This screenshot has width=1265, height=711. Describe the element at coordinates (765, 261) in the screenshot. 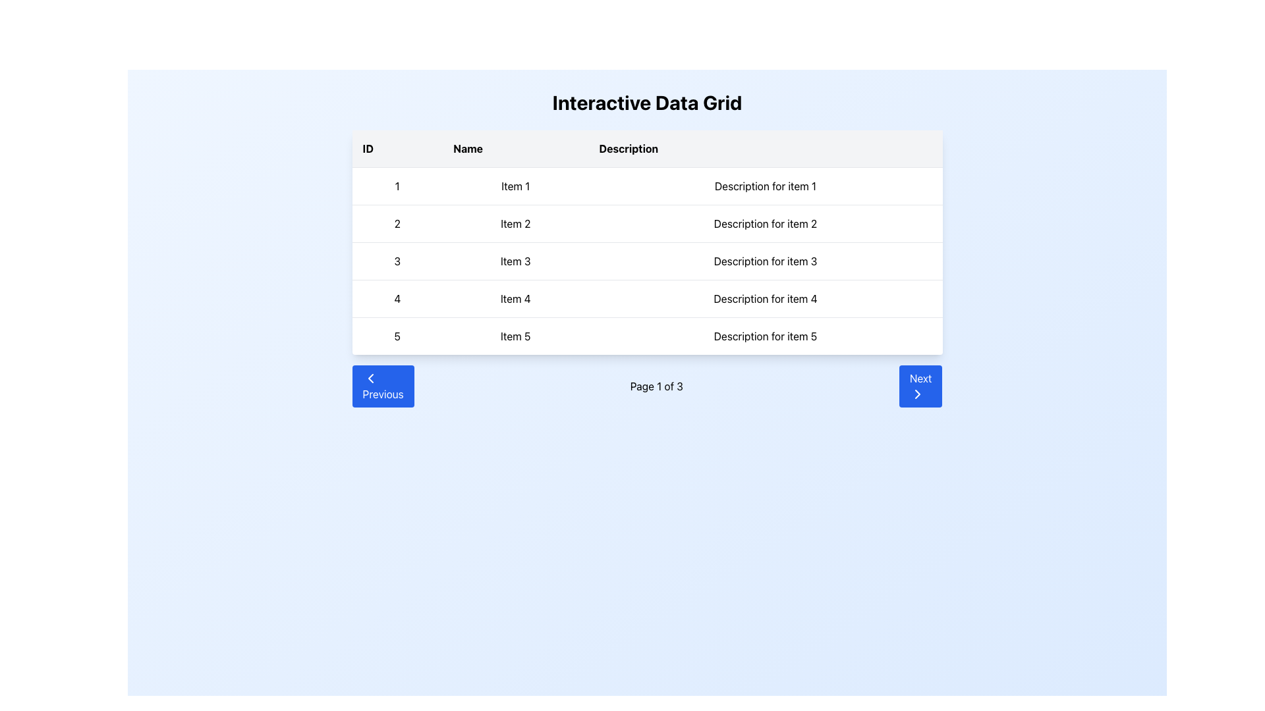

I see `the text label displaying 'Description for item 3' located in the third row of the data grid table under the 'Description' column` at that location.